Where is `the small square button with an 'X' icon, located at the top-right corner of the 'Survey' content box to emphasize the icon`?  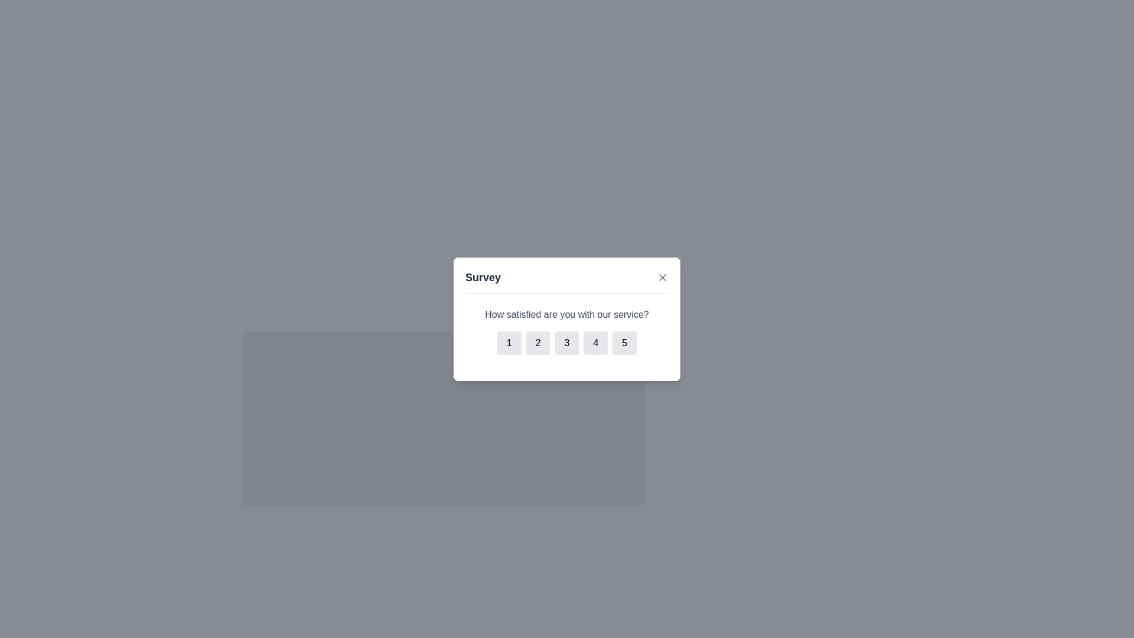
the small square button with an 'X' icon, located at the top-right corner of the 'Survey' content box to emphasize the icon is located at coordinates (663, 277).